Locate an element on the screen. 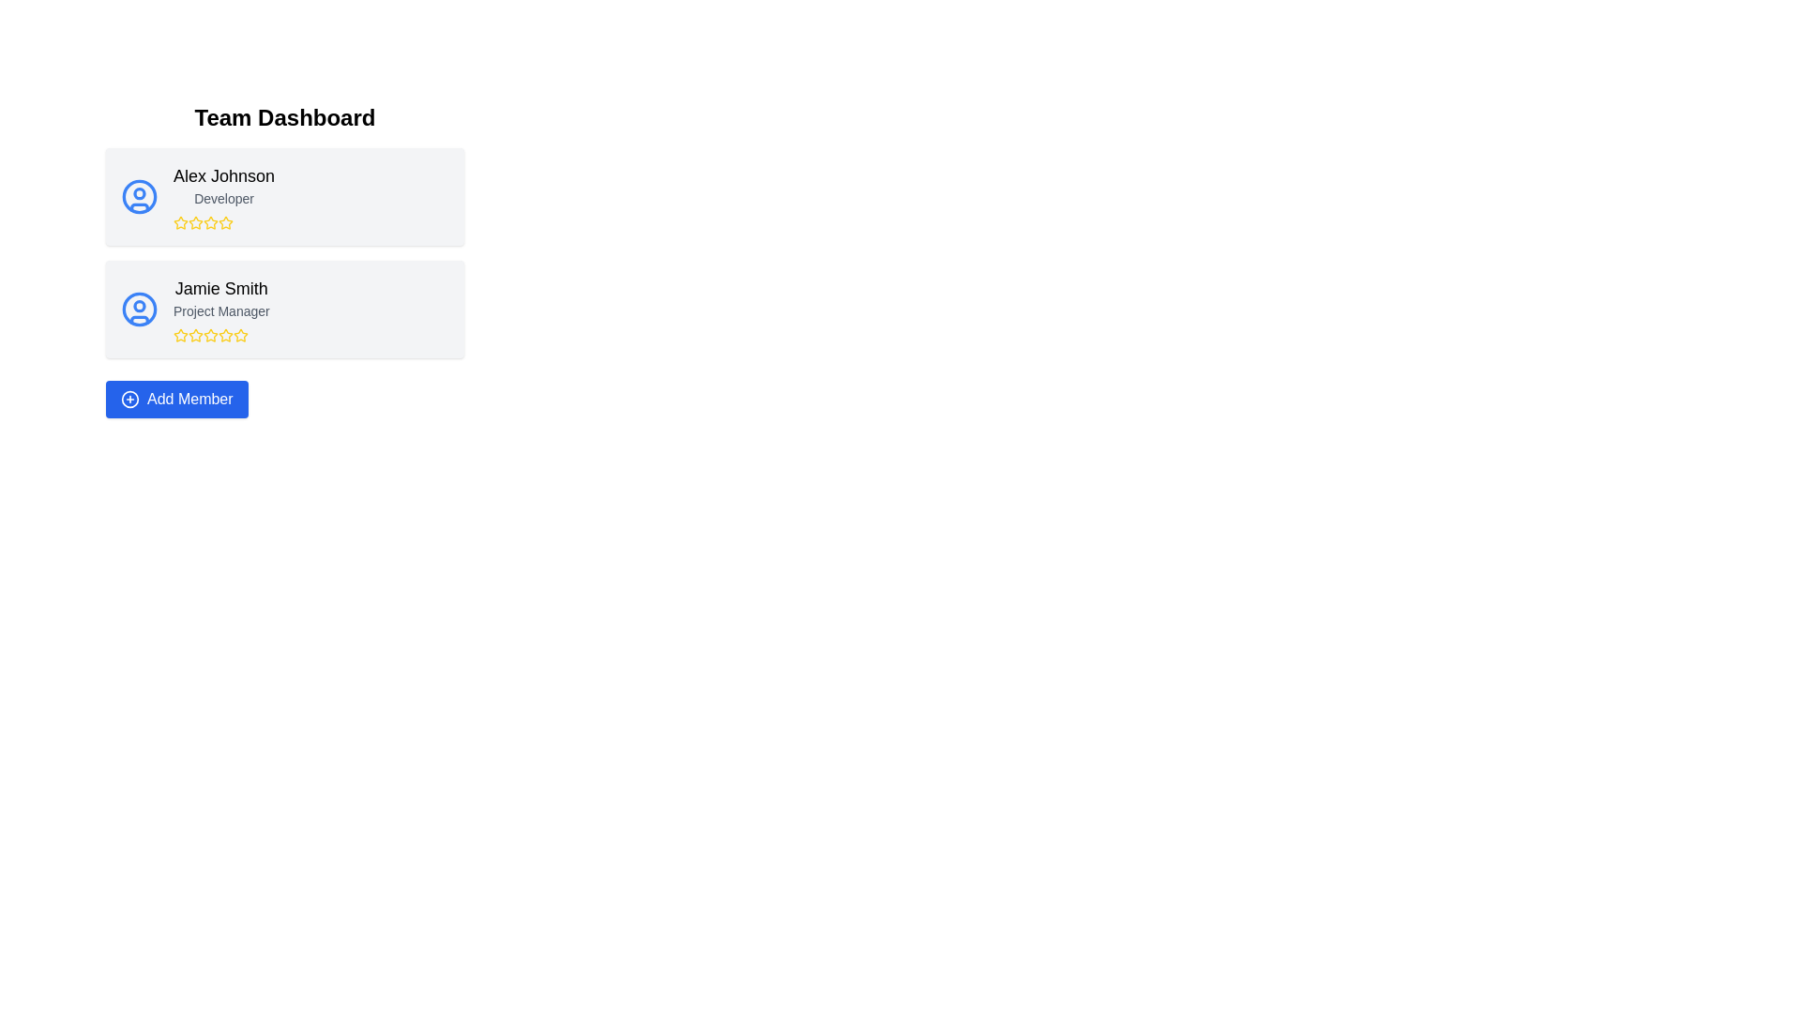  the circular add button at the center of the 'Add Member' feature, which is part of an SVG graphic element is located at coordinates (129, 398).